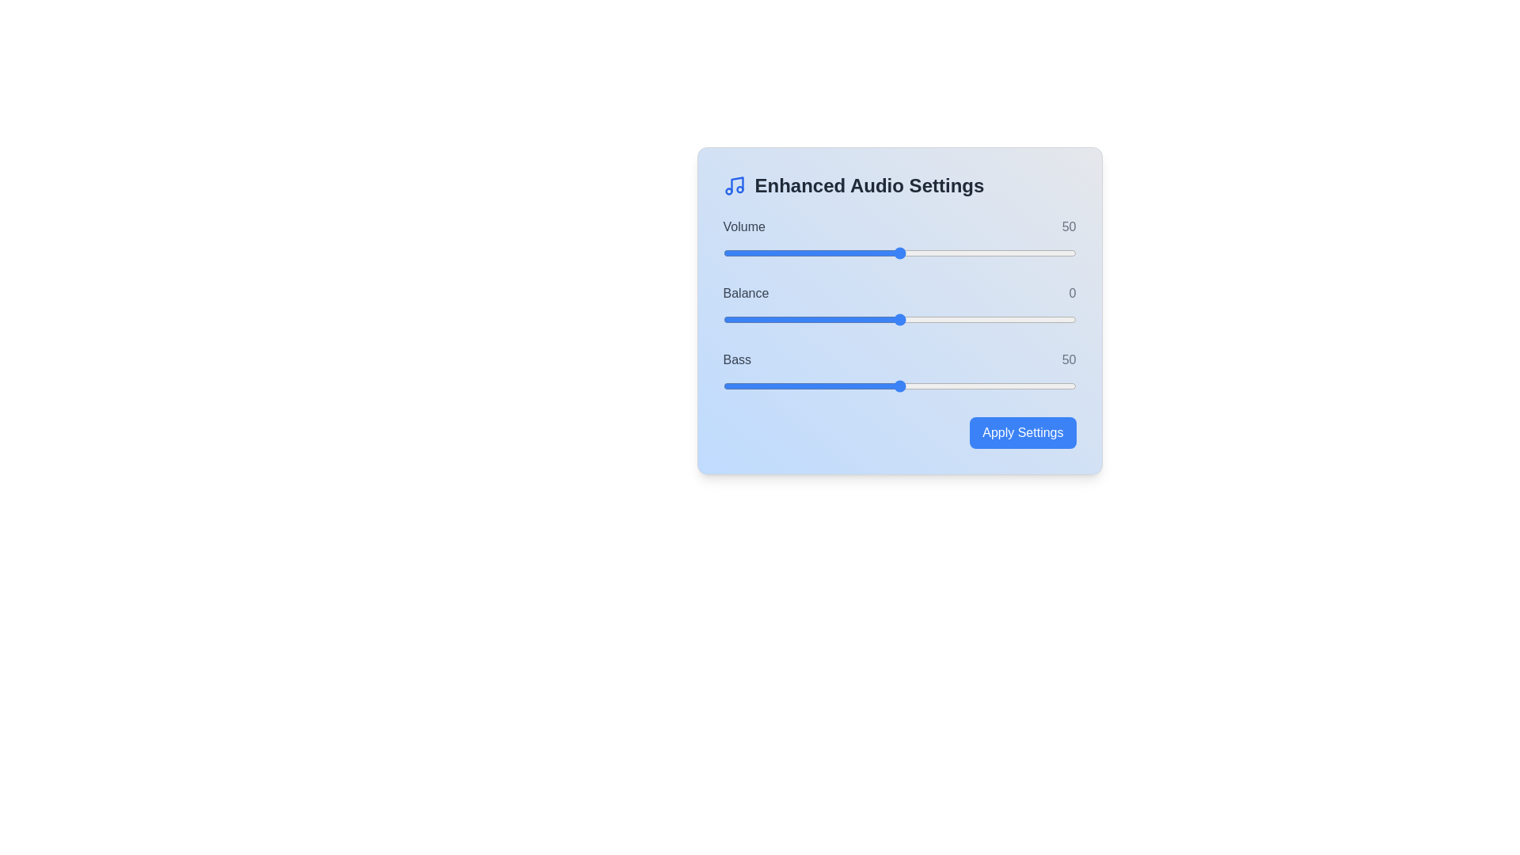  What do you see at coordinates (1051, 253) in the screenshot?
I see `the volume slider to 93 percent` at bounding box center [1051, 253].